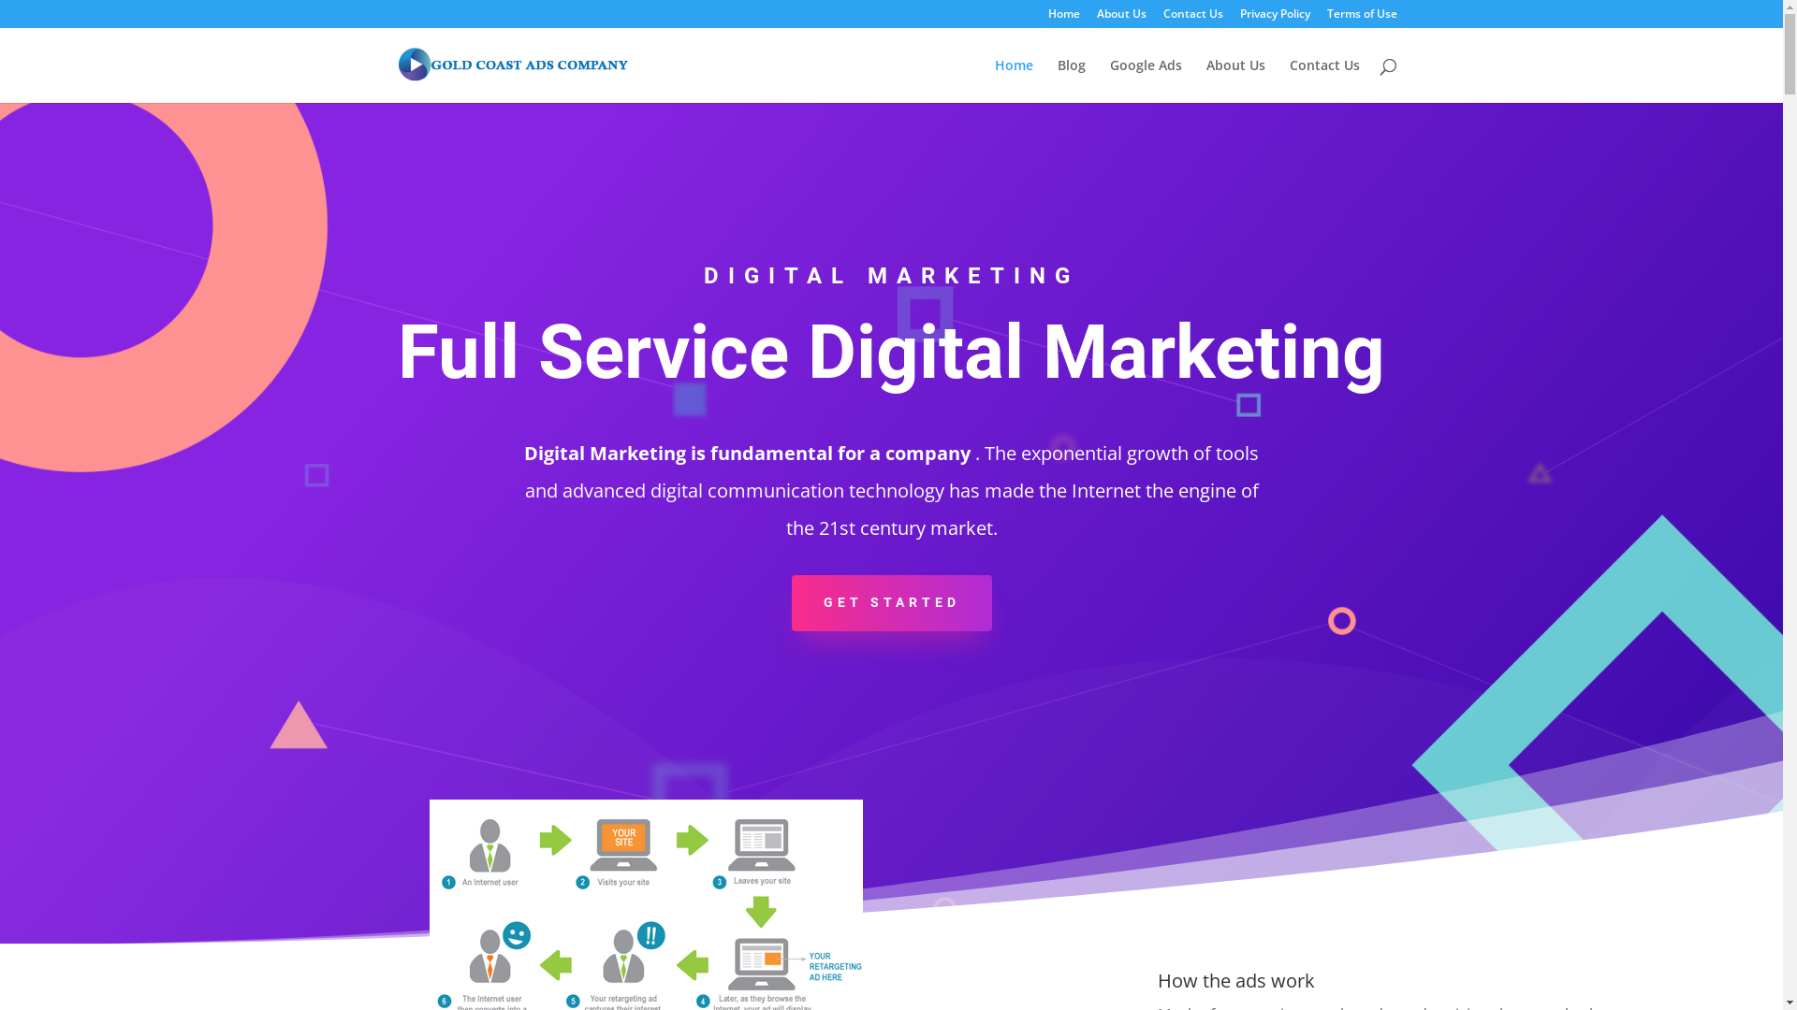 Image resolution: width=1797 pixels, height=1010 pixels. Describe the element at coordinates (1012, 79) in the screenshot. I see `'Home'` at that location.